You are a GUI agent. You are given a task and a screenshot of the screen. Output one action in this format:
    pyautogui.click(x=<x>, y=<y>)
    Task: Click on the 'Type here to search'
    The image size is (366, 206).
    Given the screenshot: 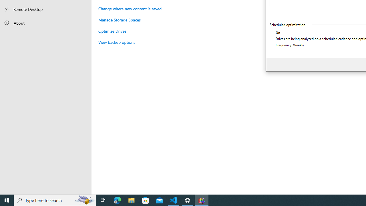 What is the action you would take?
    pyautogui.click(x=55, y=200)
    